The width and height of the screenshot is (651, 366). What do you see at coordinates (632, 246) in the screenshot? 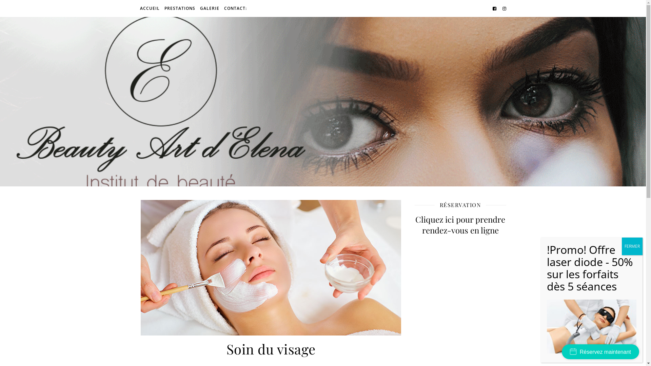
I see `'FERMER'` at bounding box center [632, 246].